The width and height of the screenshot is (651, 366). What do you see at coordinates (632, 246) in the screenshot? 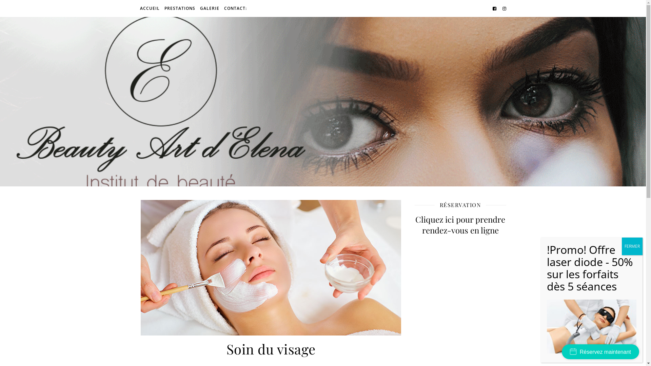
I see `'FERMER'` at bounding box center [632, 246].